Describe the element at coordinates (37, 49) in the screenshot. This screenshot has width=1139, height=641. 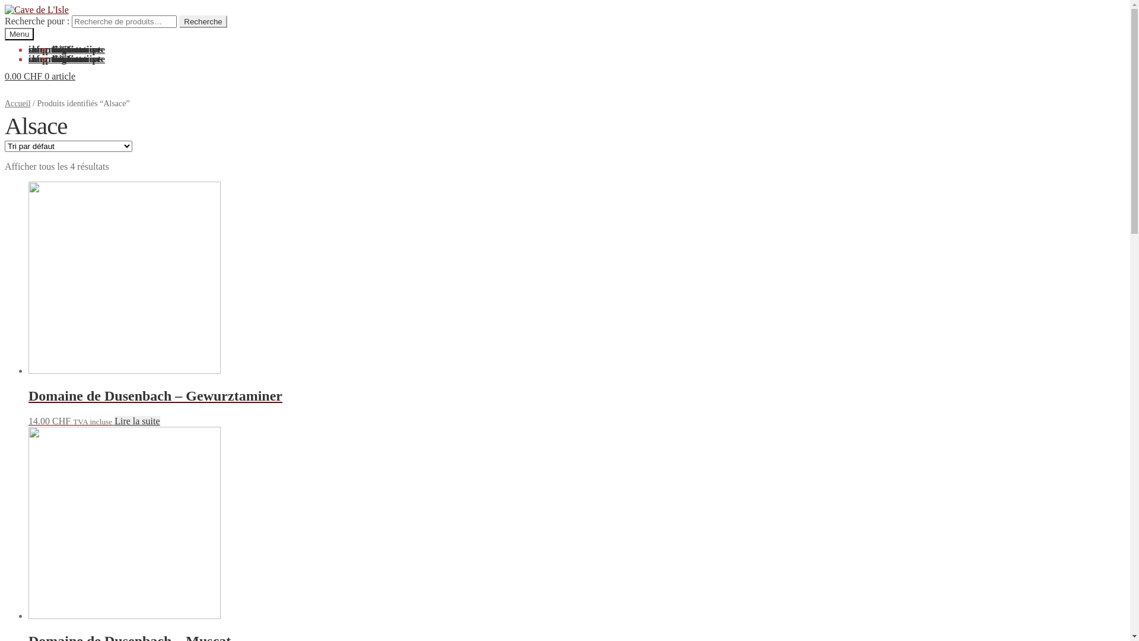
I see `'shop'` at that location.